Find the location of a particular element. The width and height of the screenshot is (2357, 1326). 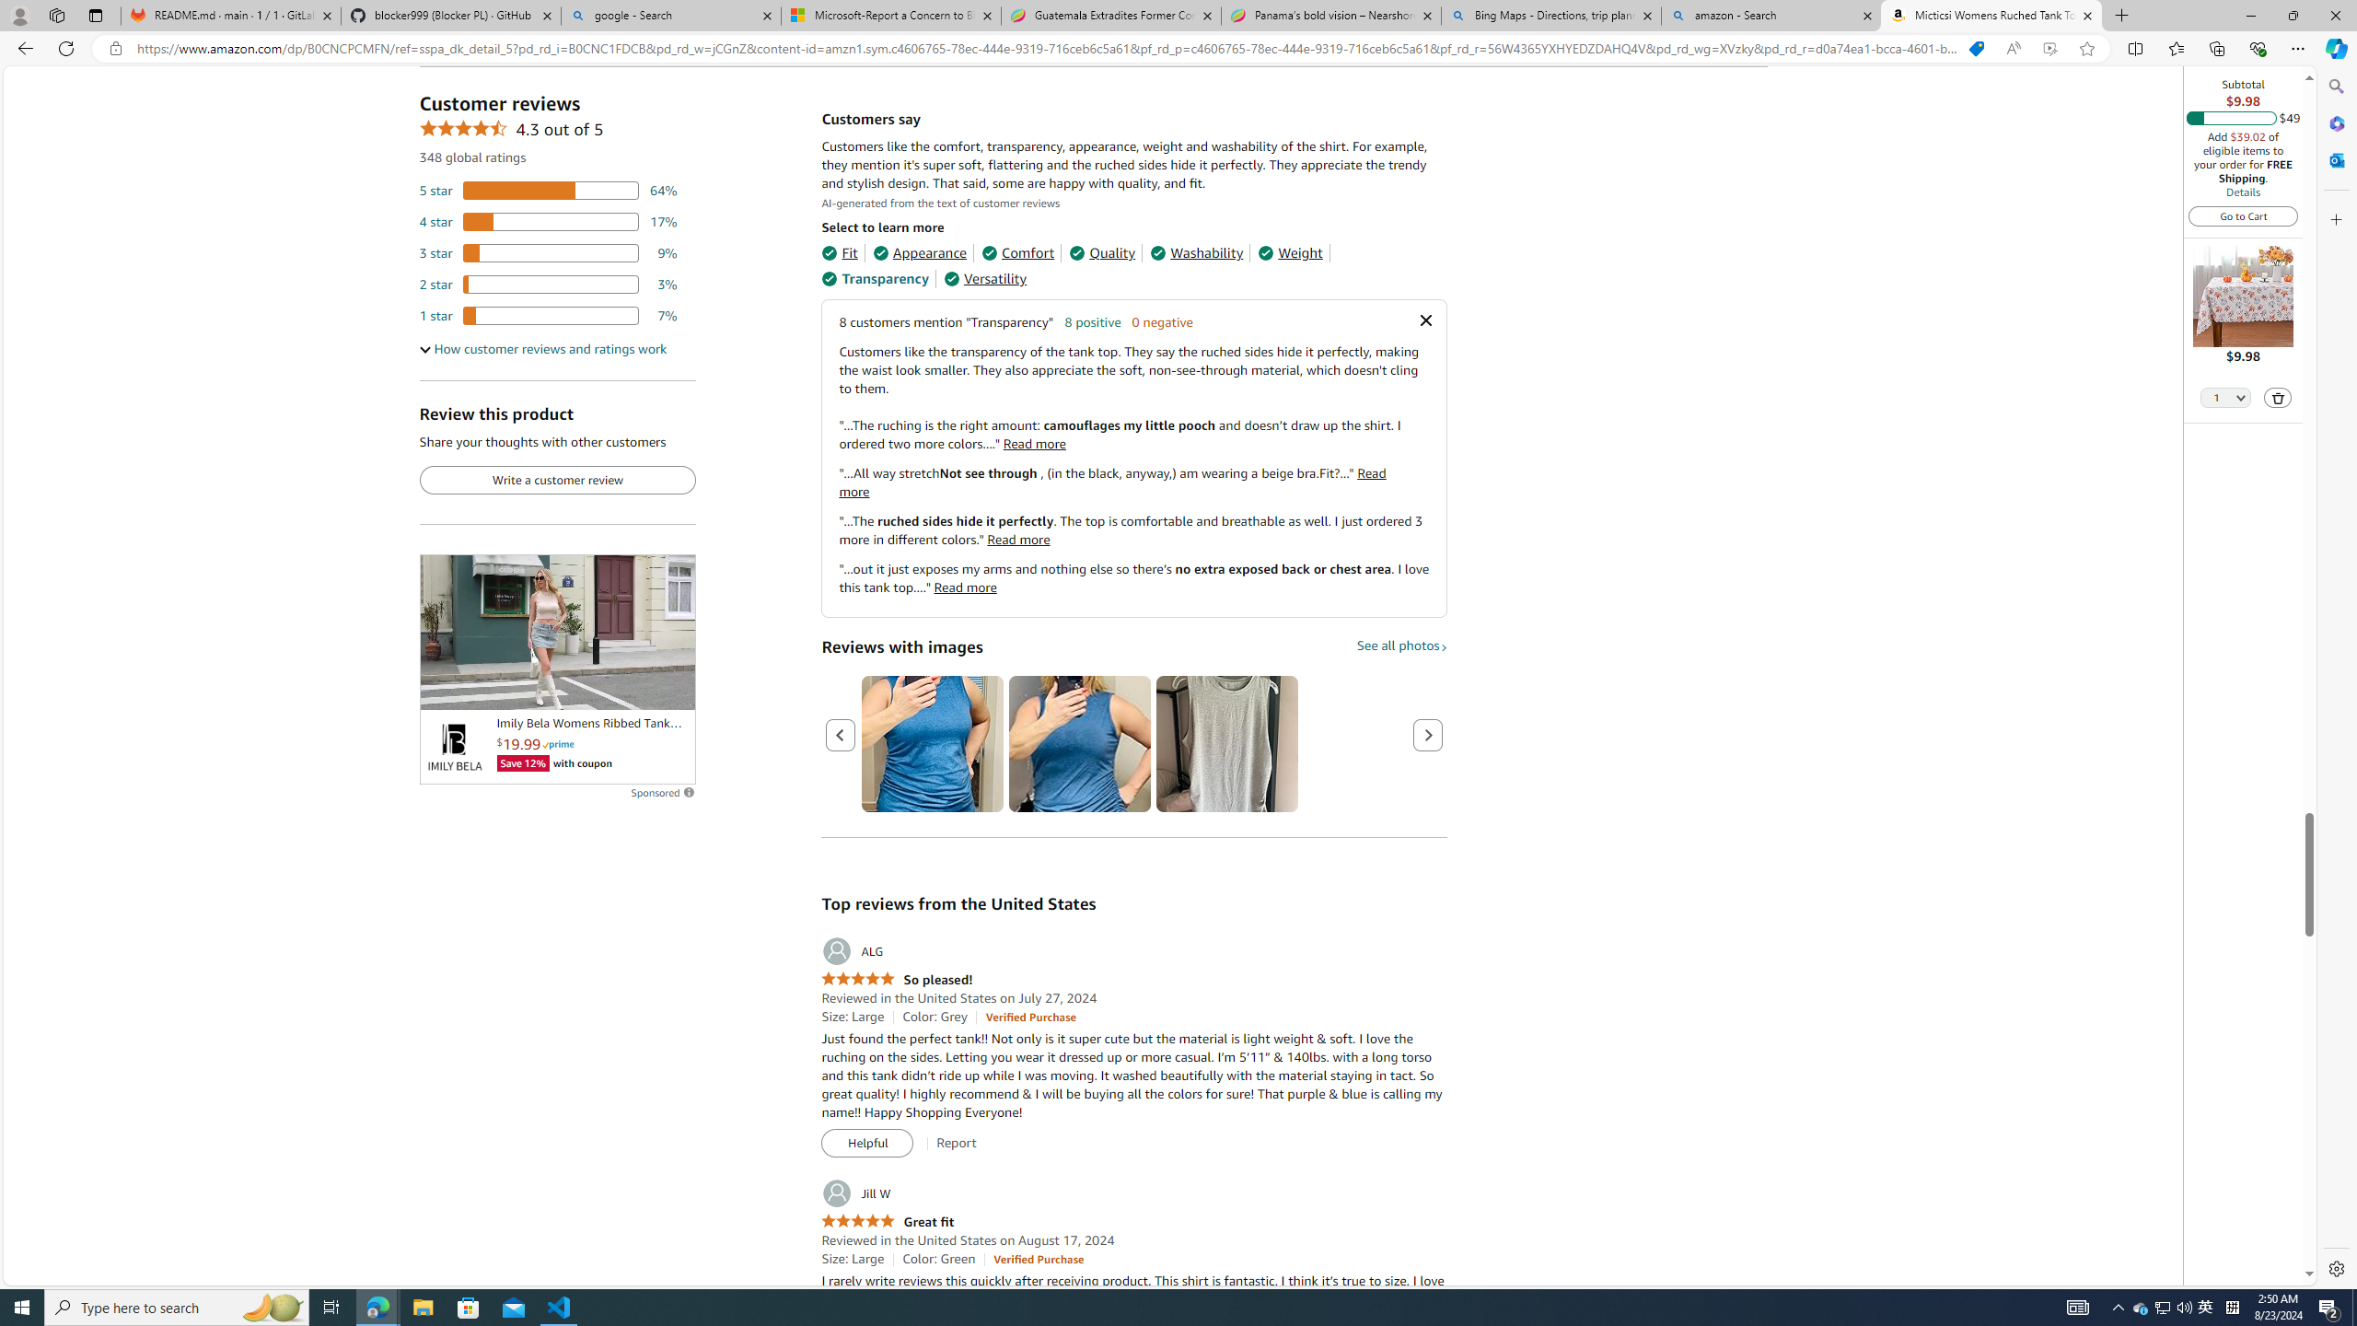

'Previous page' is located at coordinates (840, 734).